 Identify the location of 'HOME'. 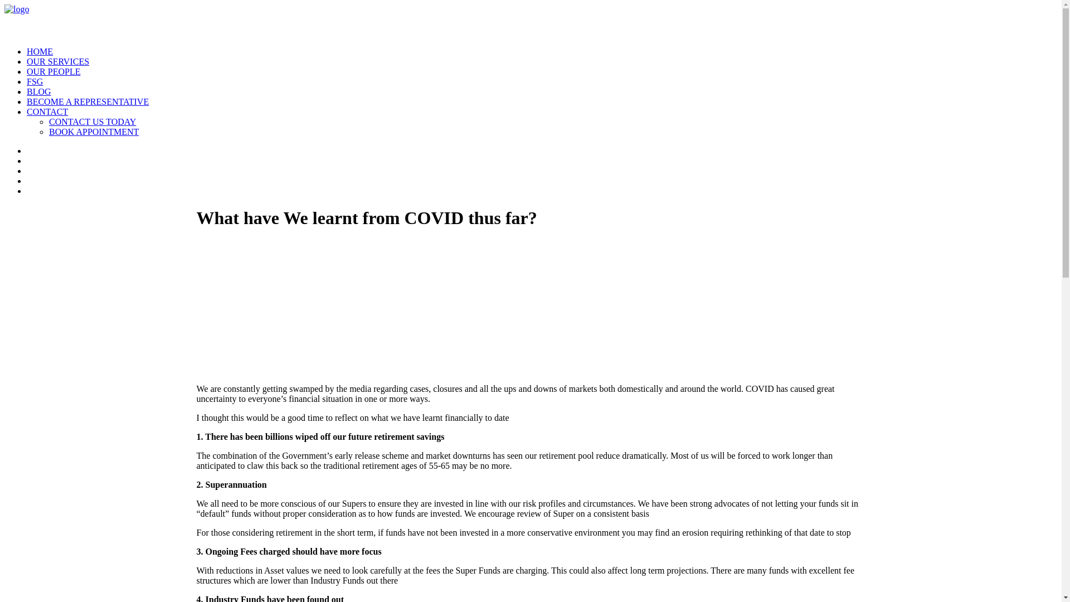
(27, 51).